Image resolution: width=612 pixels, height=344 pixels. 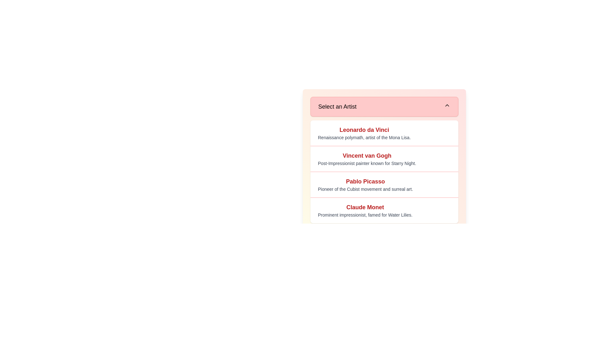 What do you see at coordinates (384, 133) in the screenshot?
I see `the list item displaying 'Leonardo da Vinci' with a bold red font, located at the top of the 'Select an Artist' panel` at bounding box center [384, 133].